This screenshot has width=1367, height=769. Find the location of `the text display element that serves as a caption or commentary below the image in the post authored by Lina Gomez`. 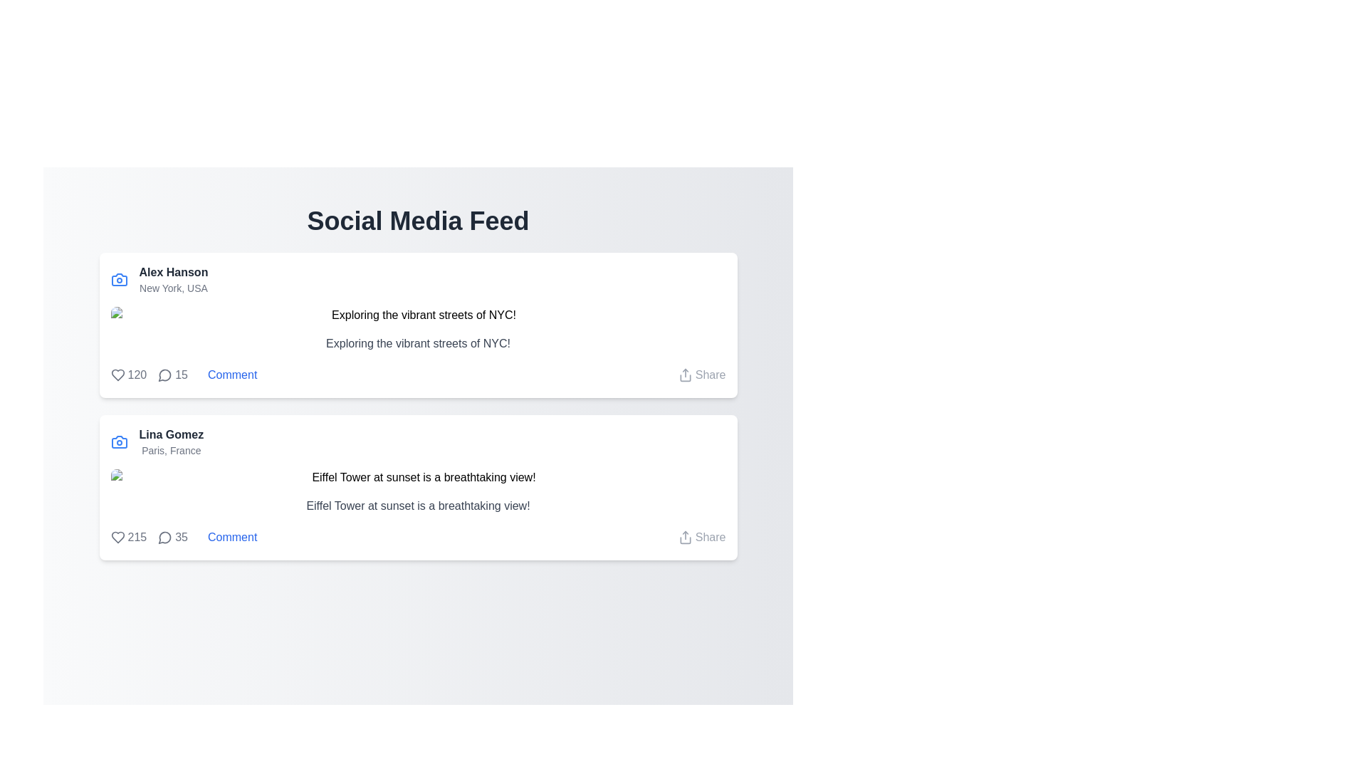

the text display element that serves as a caption or commentary below the image in the post authored by Lina Gomez is located at coordinates (417, 505).